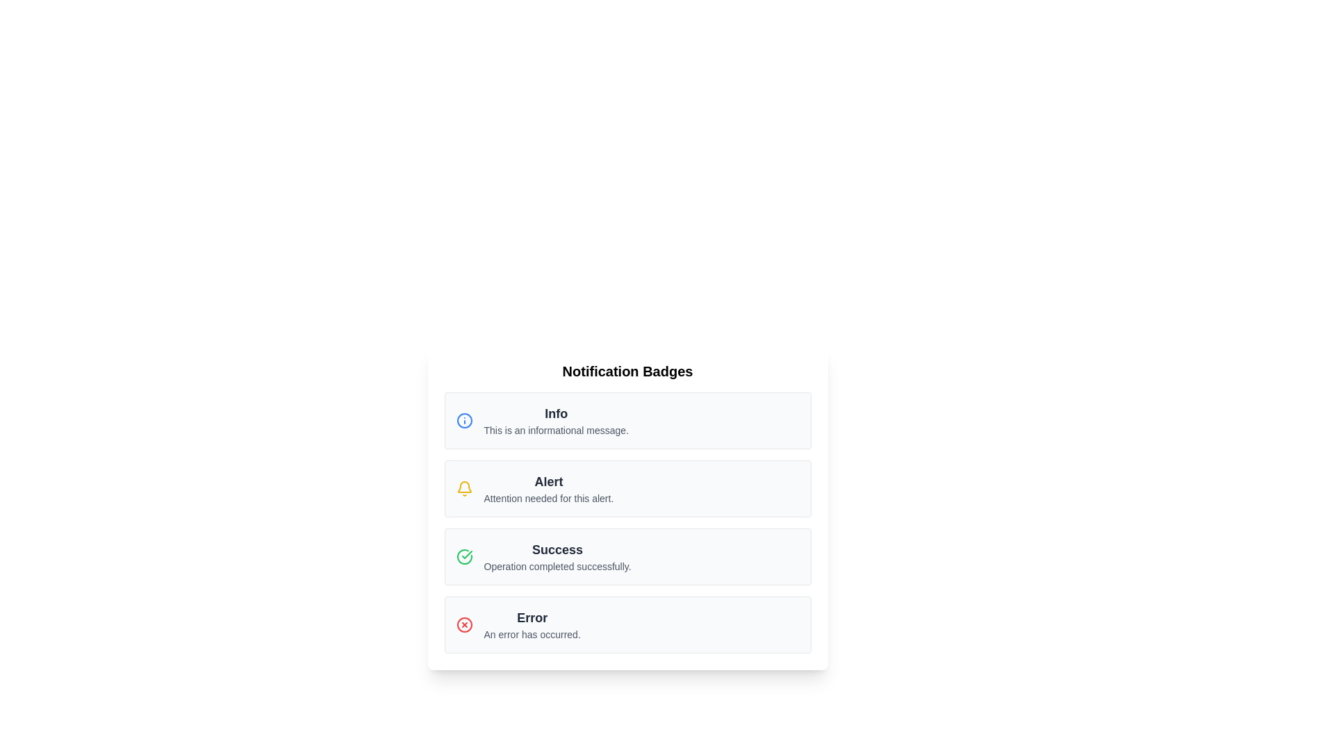 The width and height of the screenshot is (1334, 750). Describe the element at coordinates (464, 556) in the screenshot. I see `the success icon located at the leftmost part of the card labeled 'Success', adjacent to the text 'Operation completed successfully.'` at that location.